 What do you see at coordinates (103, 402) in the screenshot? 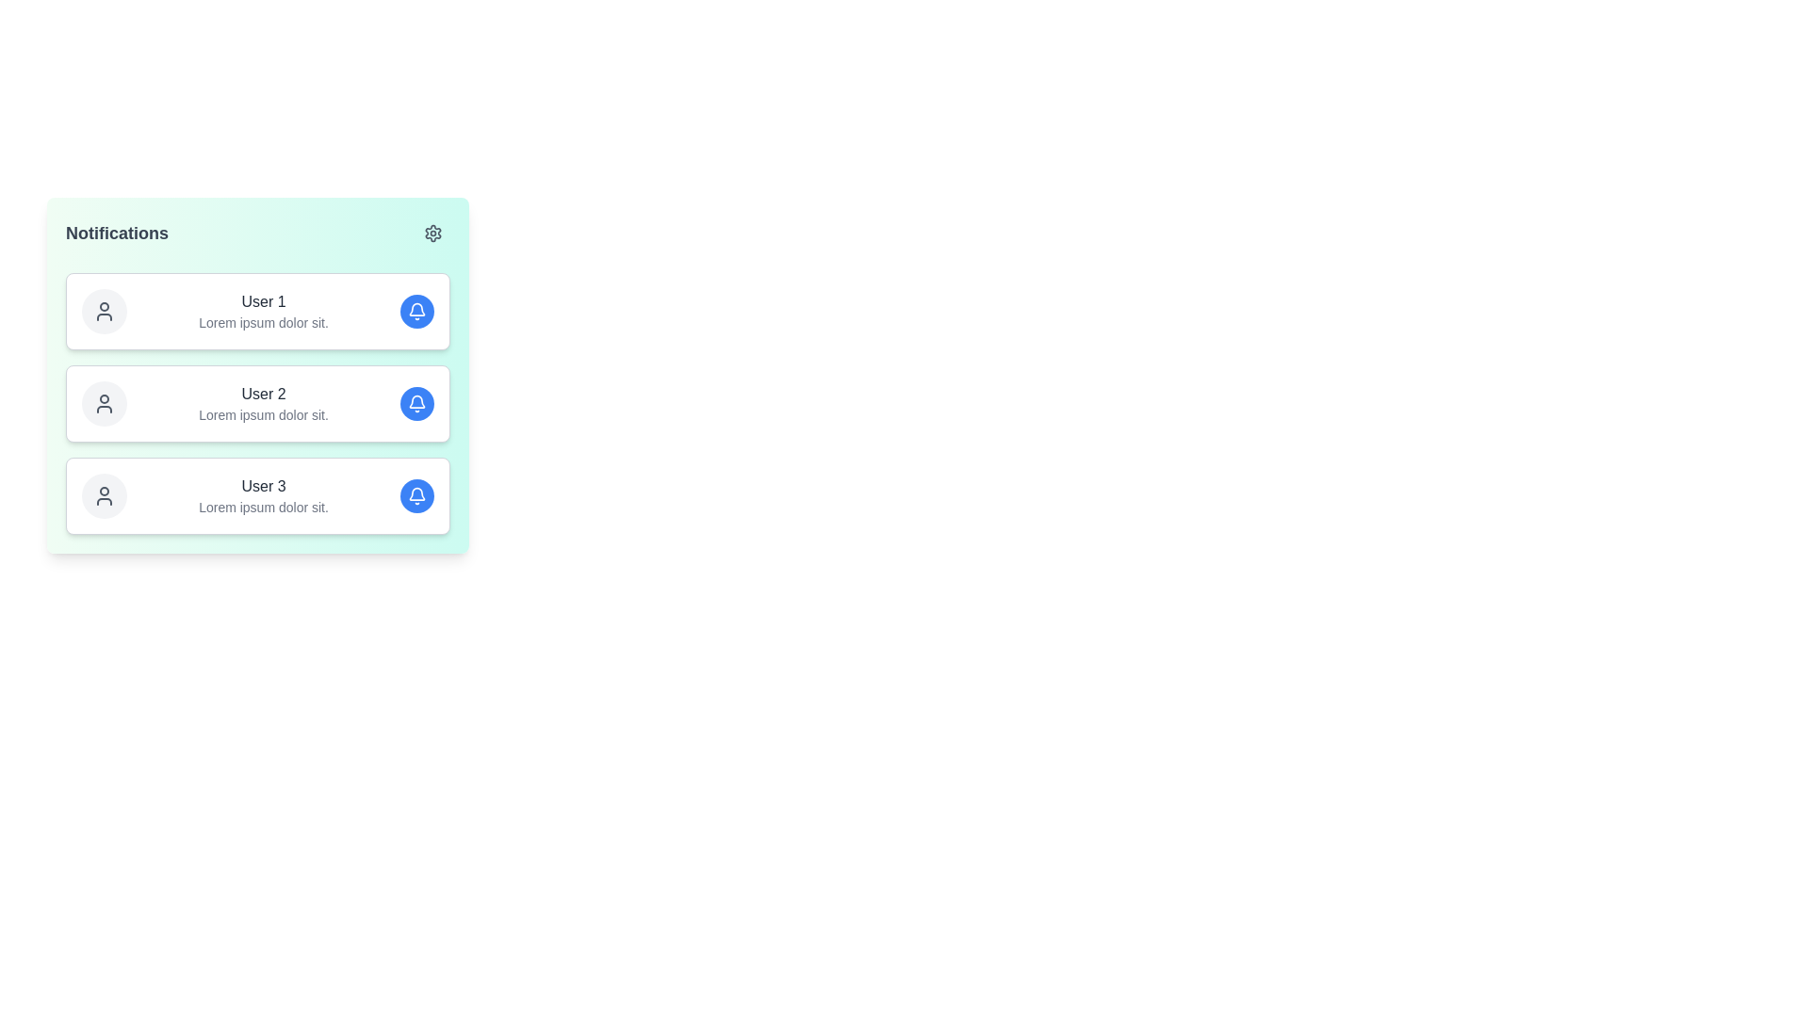
I see `the user icon located at the top-left corner of the second notification card, which is inside a gray circular background, for further interactions if supported` at bounding box center [103, 402].